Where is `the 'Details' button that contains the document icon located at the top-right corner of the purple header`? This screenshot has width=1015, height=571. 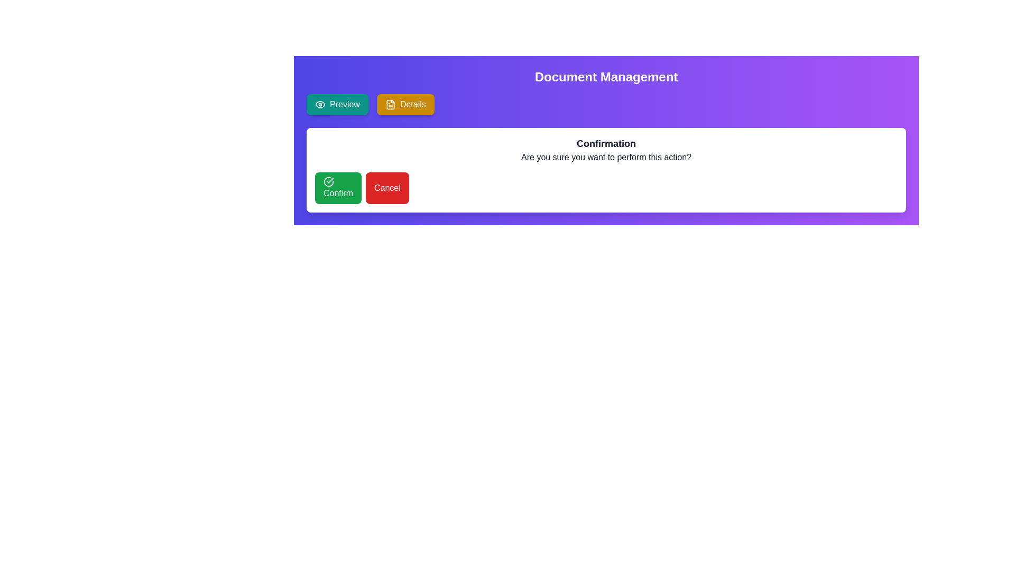 the 'Details' button that contains the document icon located at the top-right corner of the purple header is located at coordinates (390, 104).